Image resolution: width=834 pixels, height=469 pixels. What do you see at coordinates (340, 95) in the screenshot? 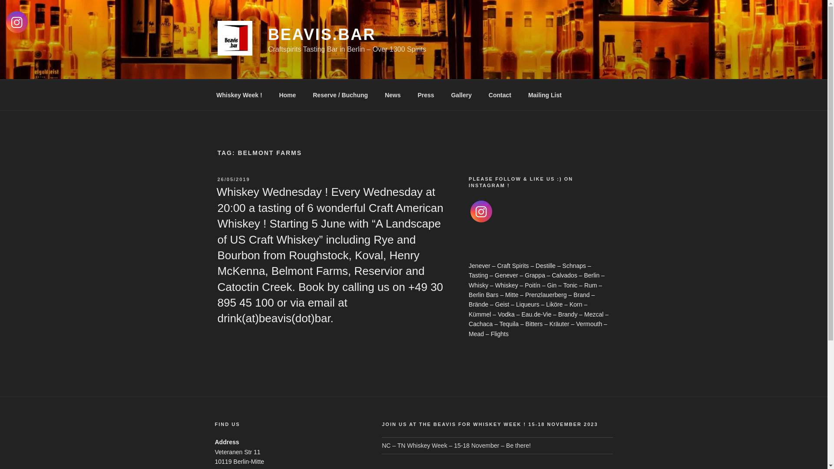
I see `'Reserve / Buchung'` at bounding box center [340, 95].